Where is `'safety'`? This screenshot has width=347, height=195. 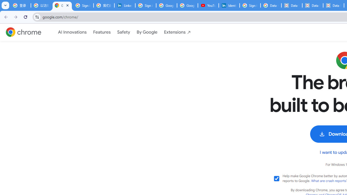 'safety' is located at coordinates (123, 32).